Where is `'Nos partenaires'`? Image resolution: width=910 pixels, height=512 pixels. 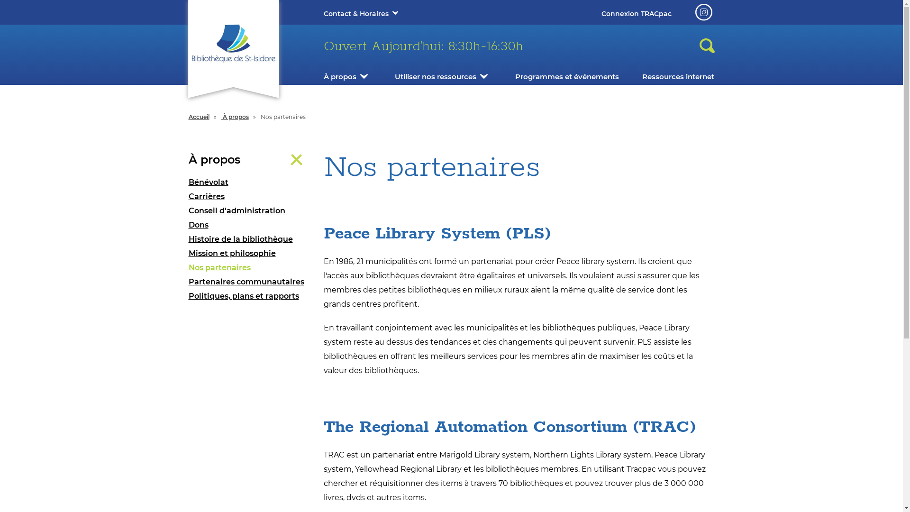
'Nos partenaires' is located at coordinates (249, 267).